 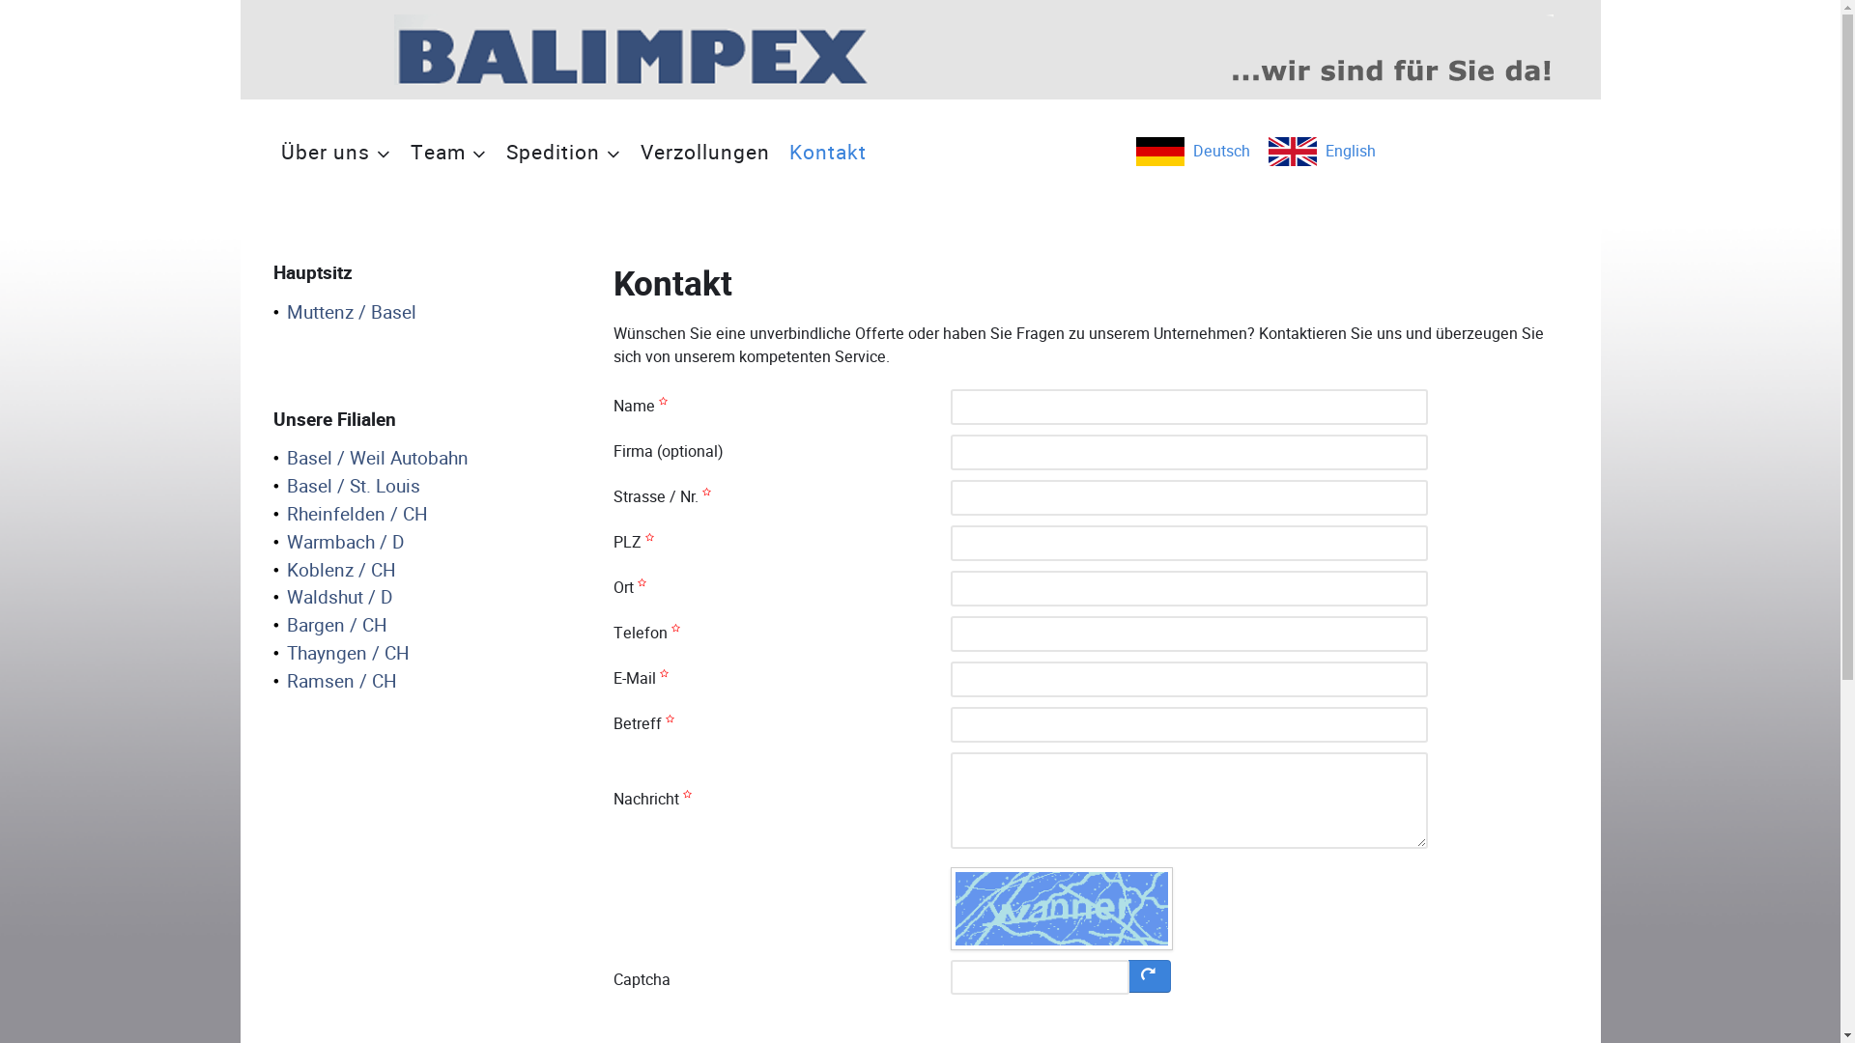 What do you see at coordinates (333, 570) in the screenshot?
I see `'Koblenz / CH'` at bounding box center [333, 570].